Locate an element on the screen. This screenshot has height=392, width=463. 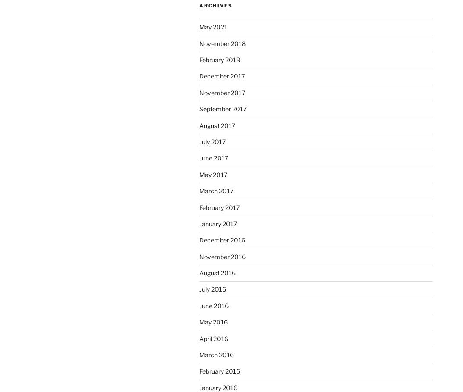
'February 2016' is located at coordinates (219, 371).